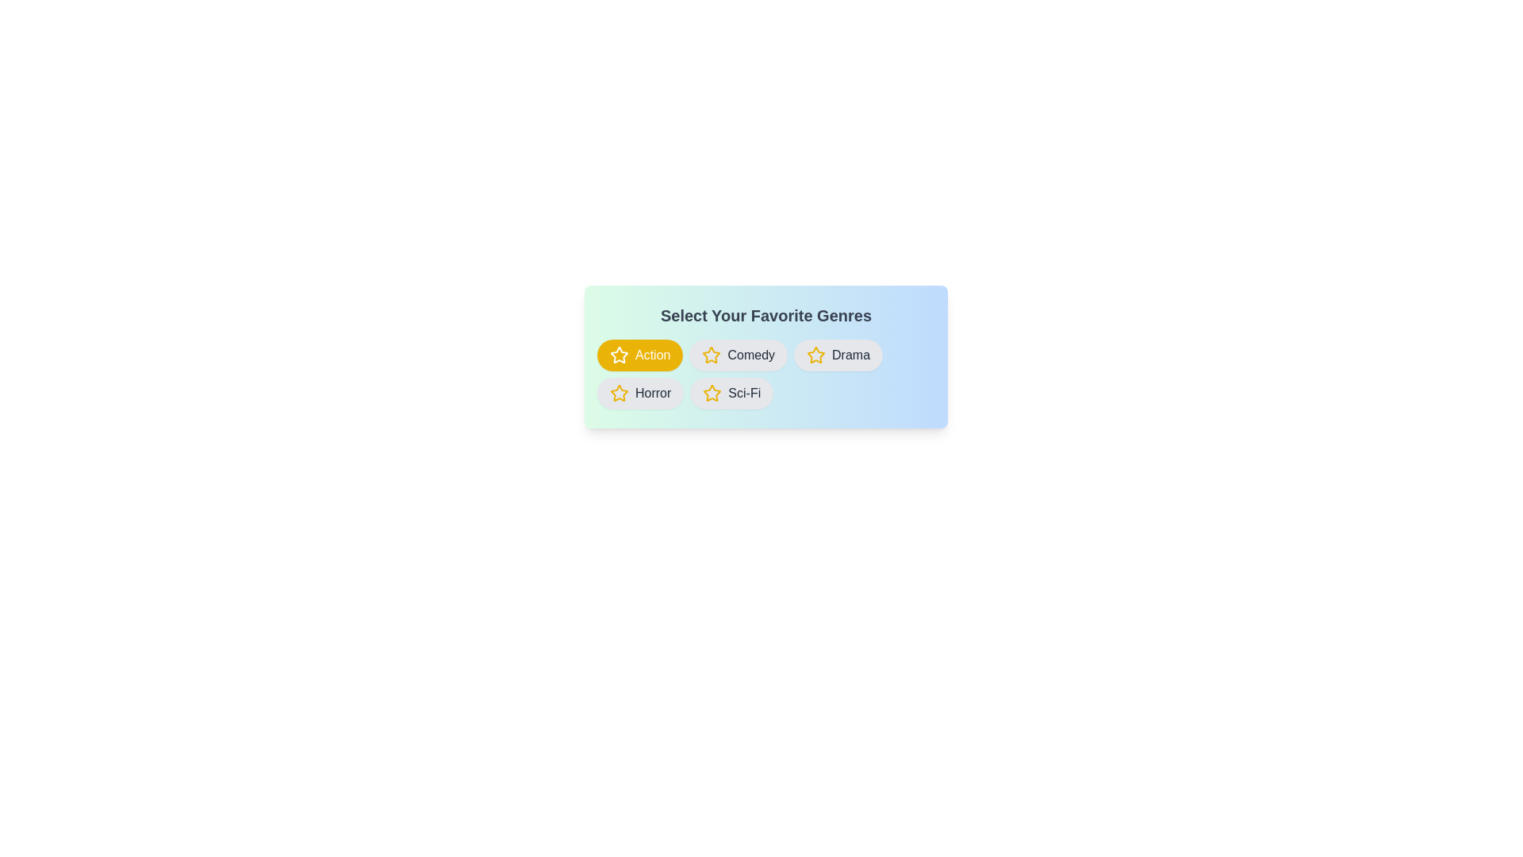 The width and height of the screenshot is (1523, 857). I want to click on the category Comedy to observe the hover effect, so click(738, 354).